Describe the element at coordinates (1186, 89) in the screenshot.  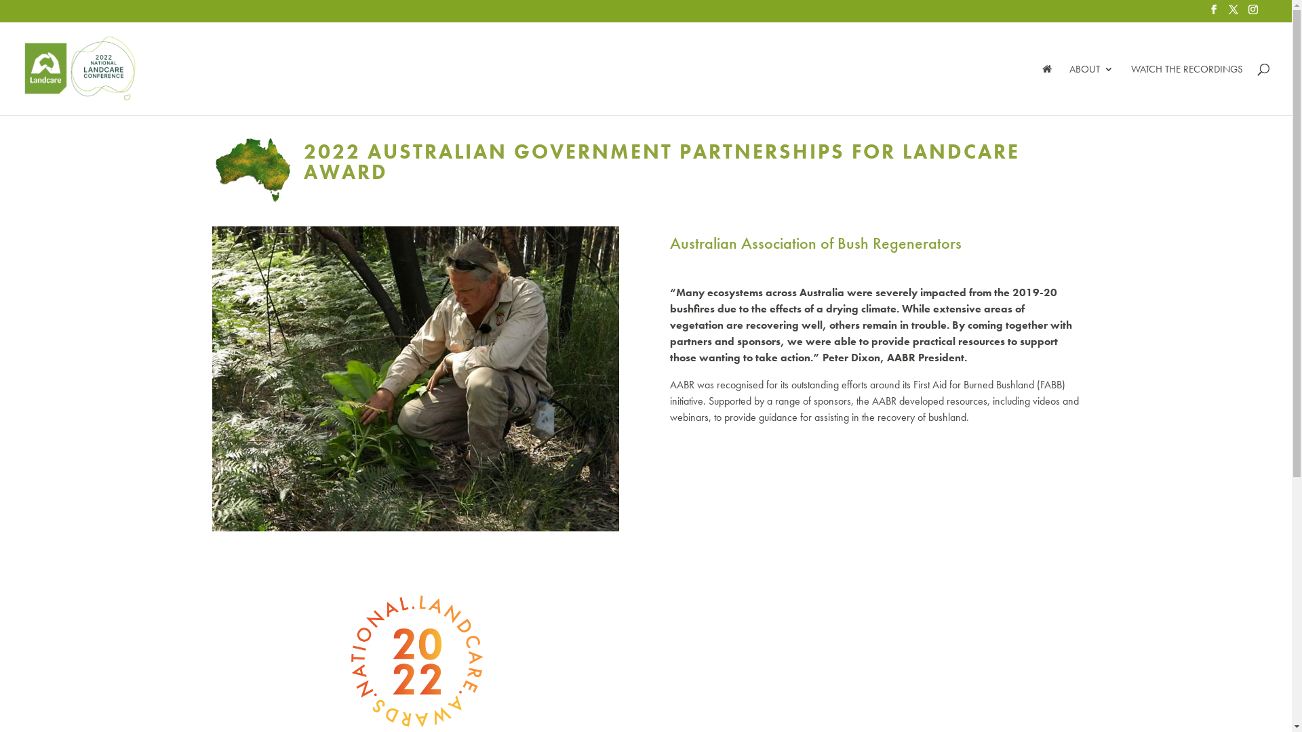
I see `'WATCH THE RECORDINGS'` at that location.